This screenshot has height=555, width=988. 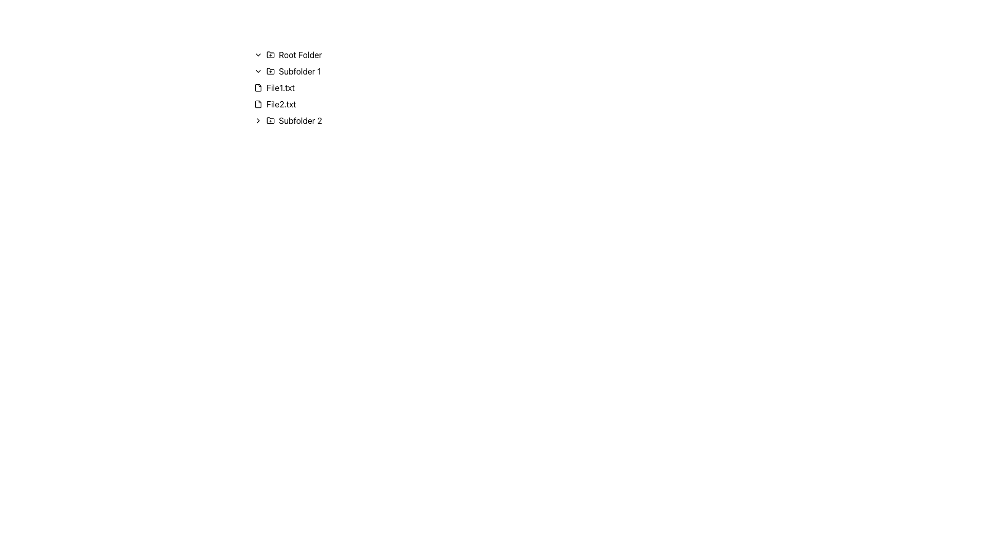 I want to click on the icon that visually represents the file 'File1.txt', which is located at the leftmost position of the entry and has a distinct document-like shape with a folded corner, so click(x=258, y=87).